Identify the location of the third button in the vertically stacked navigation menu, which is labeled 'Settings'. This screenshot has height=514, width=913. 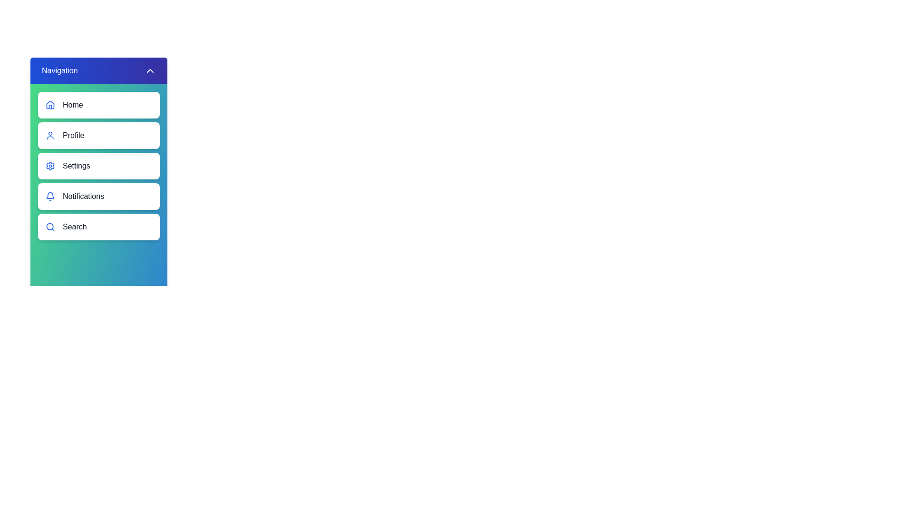
(98, 165).